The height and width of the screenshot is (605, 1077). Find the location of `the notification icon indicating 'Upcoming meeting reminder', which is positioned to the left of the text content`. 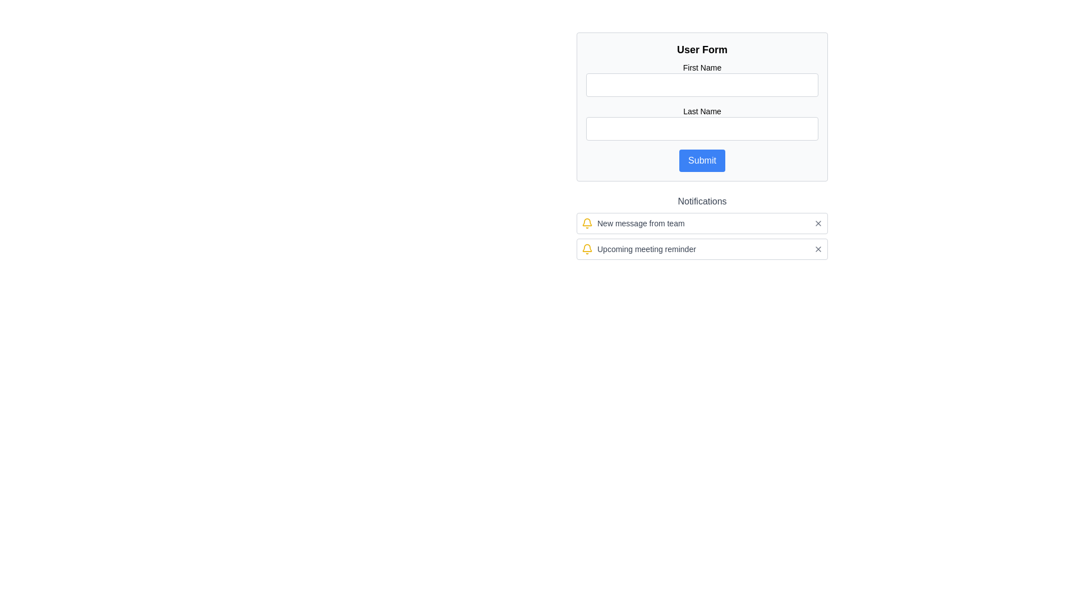

the notification icon indicating 'Upcoming meeting reminder', which is positioned to the left of the text content is located at coordinates (586, 248).